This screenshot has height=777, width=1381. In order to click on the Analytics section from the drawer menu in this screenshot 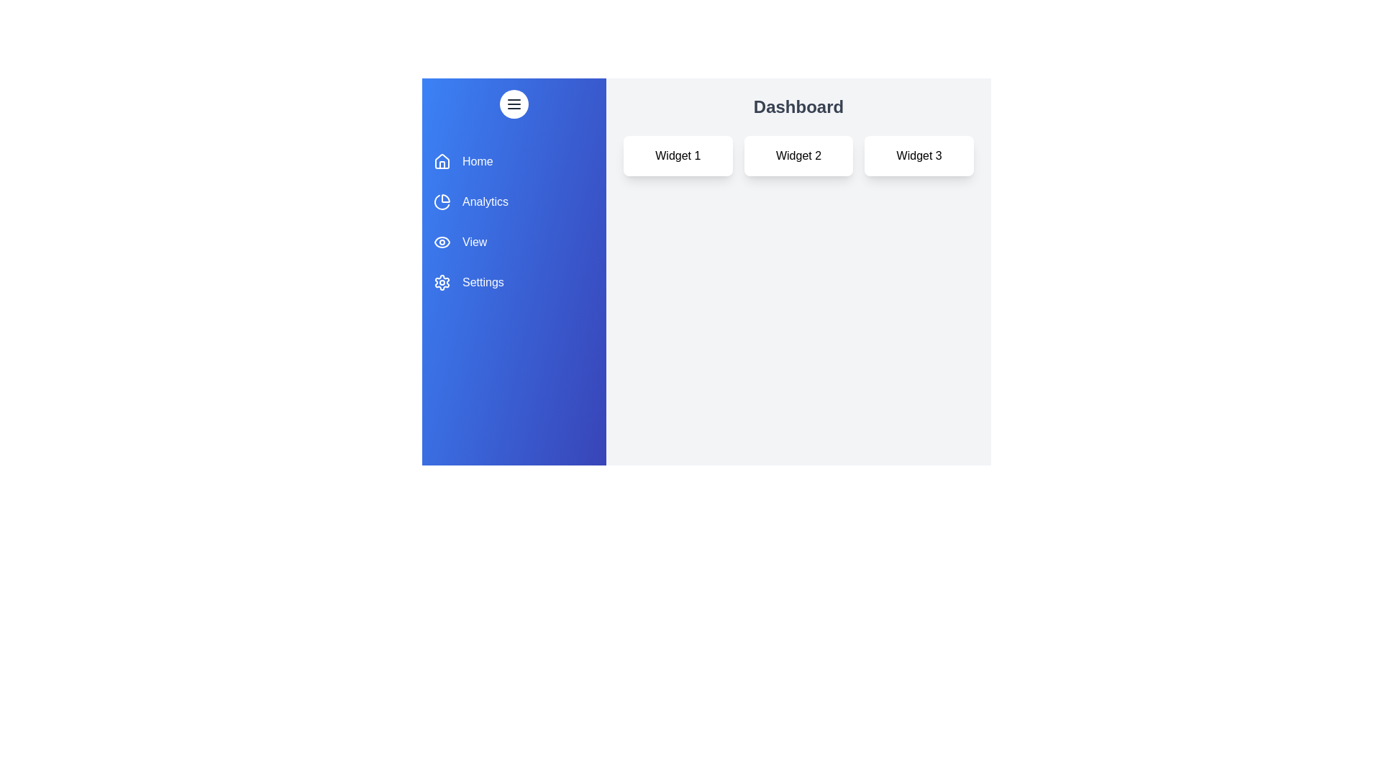, I will do `click(514, 202)`.